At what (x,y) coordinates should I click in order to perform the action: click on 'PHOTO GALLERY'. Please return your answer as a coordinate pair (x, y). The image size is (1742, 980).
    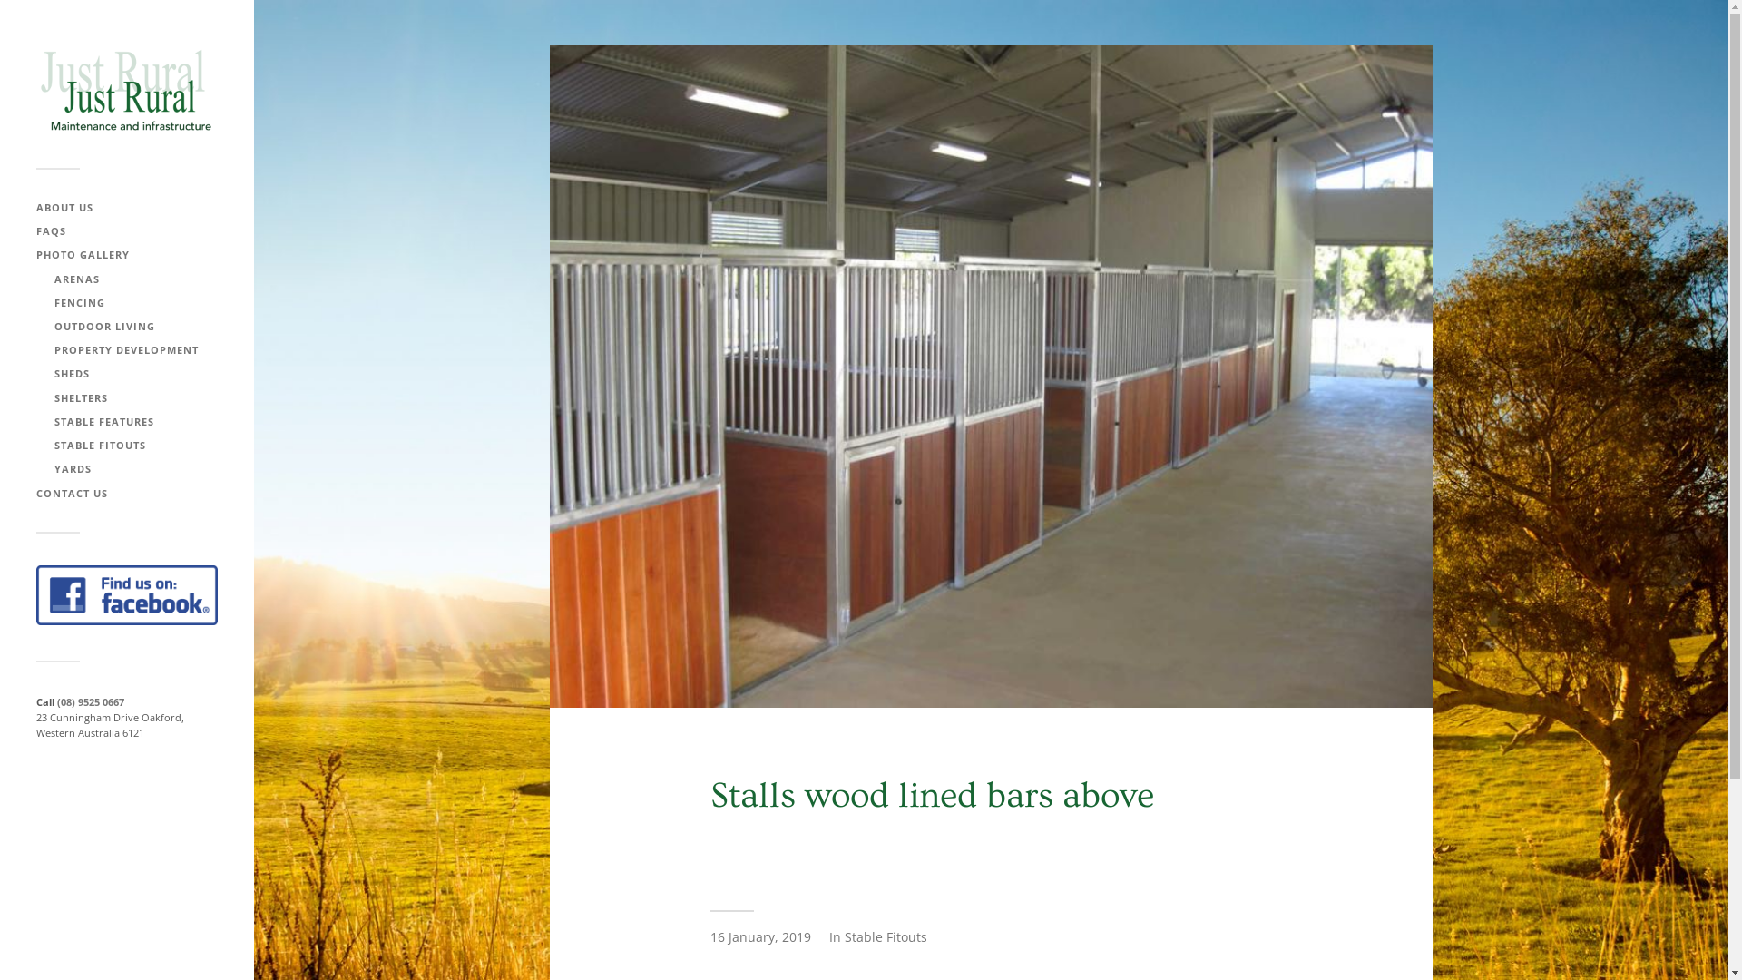
    Looking at the image, I should click on (82, 254).